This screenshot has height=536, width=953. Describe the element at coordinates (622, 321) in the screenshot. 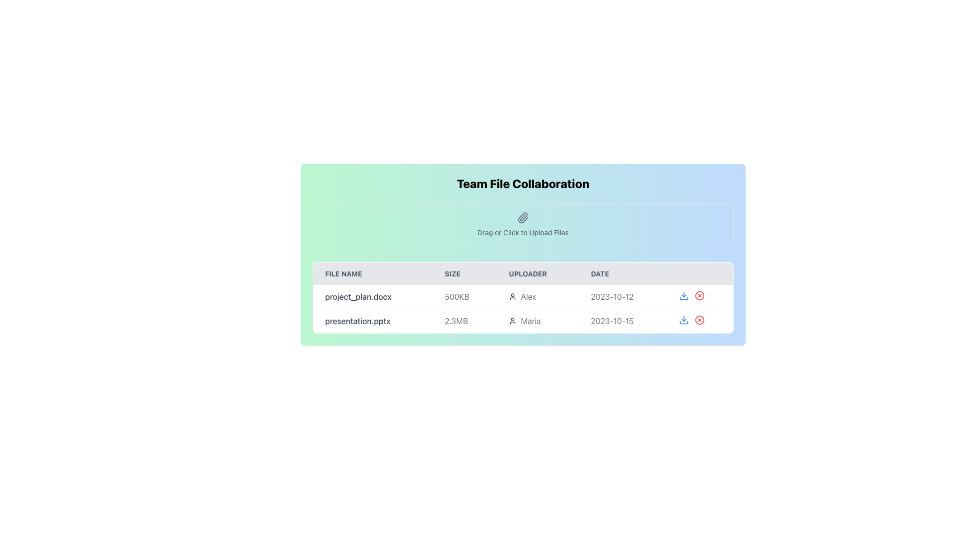

I see `the static text indicating the upload date of the file 'presentation.pptx' located in the 'DATE' column of the second row, positioned between the uploader's name 'Maria' and the download icon` at that location.